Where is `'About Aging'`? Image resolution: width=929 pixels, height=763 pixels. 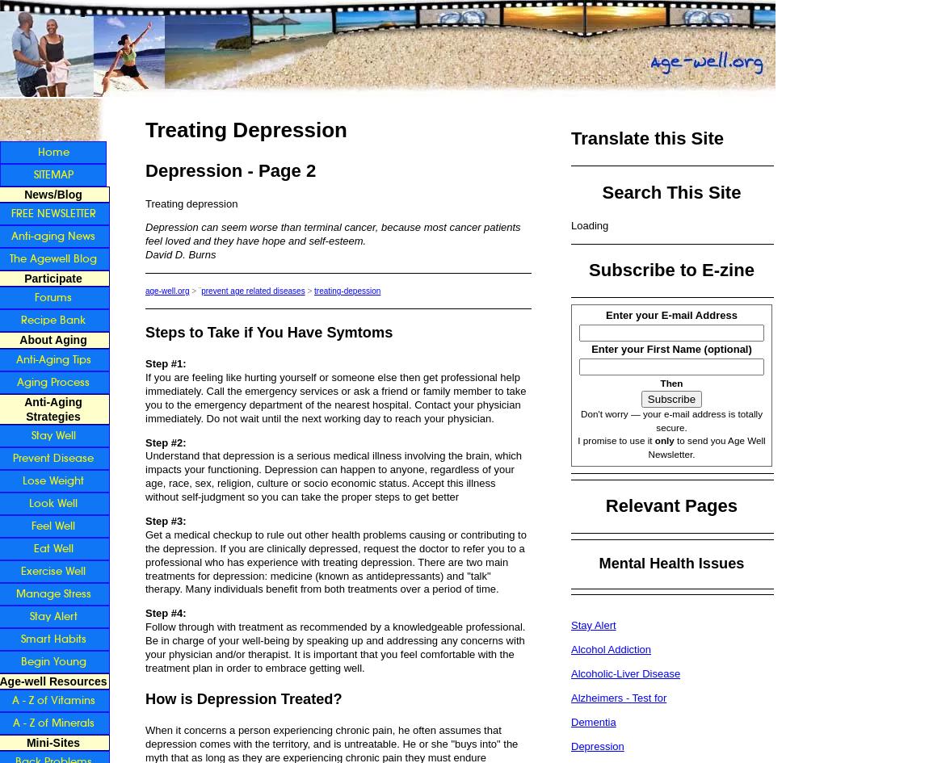
'About Aging' is located at coordinates (19, 339).